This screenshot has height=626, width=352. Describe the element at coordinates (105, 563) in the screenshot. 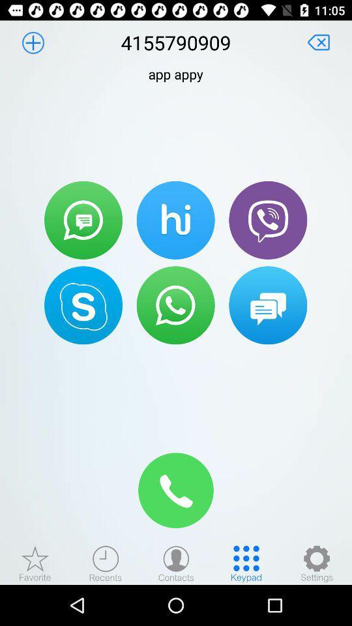

I see `open recent` at that location.